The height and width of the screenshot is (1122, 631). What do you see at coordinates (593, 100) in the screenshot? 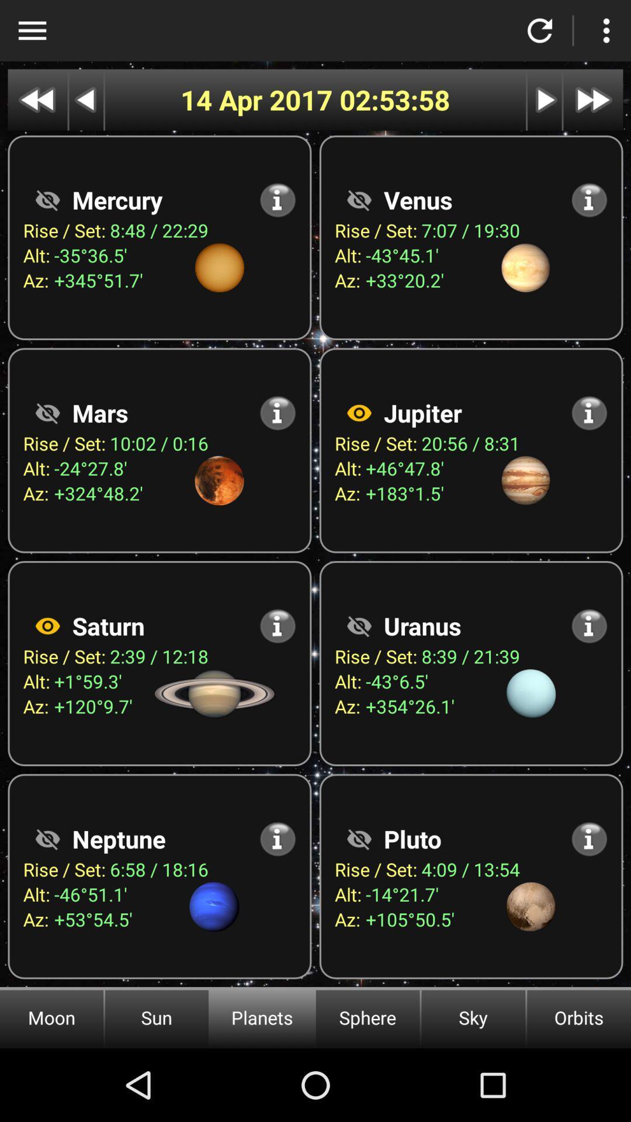
I see `the latest page` at bounding box center [593, 100].